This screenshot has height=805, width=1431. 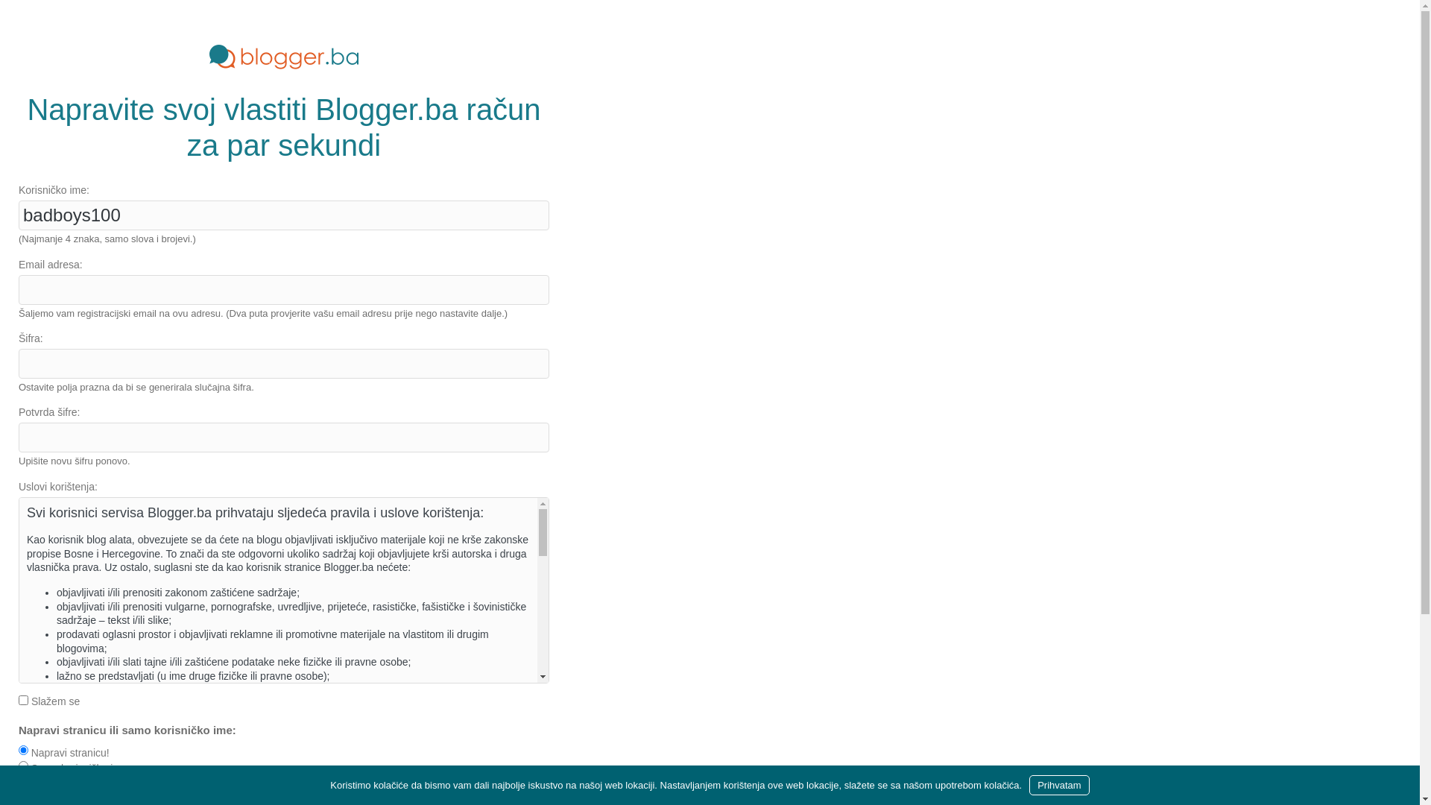 I want to click on 'Prihvatam', so click(x=1058, y=784).